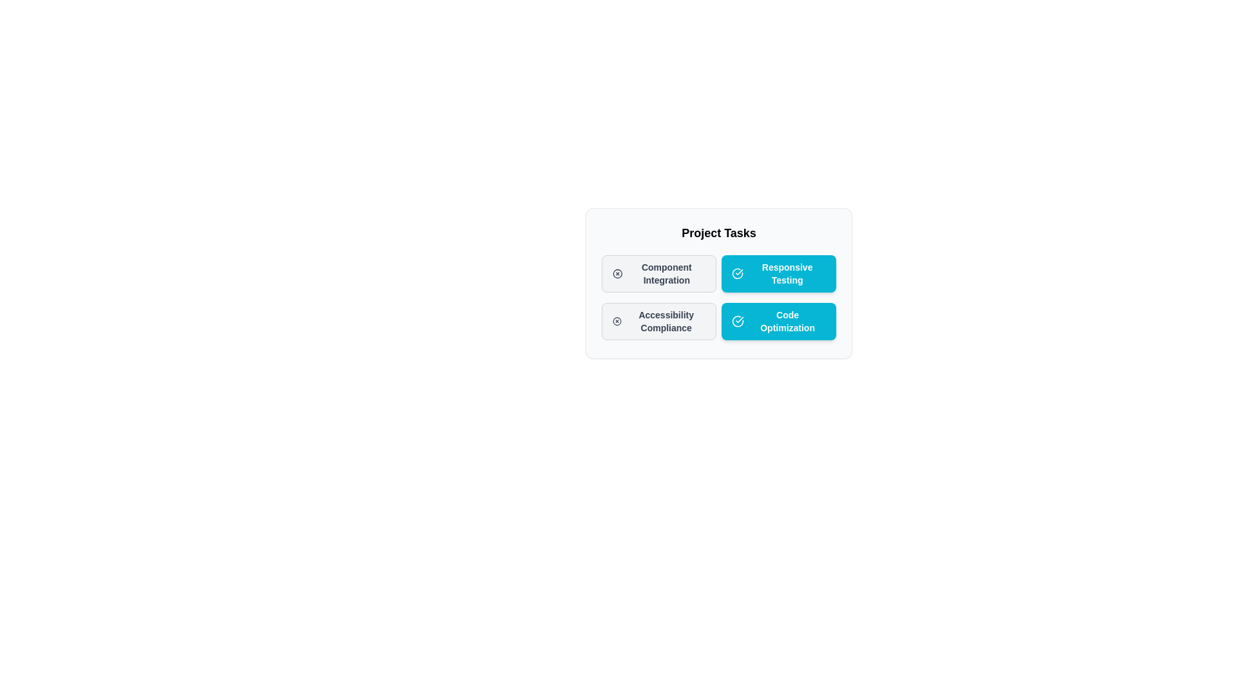 This screenshot has height=696, width=1237. I want to click on the chip labeled Code Optimization, so click(778, 320).